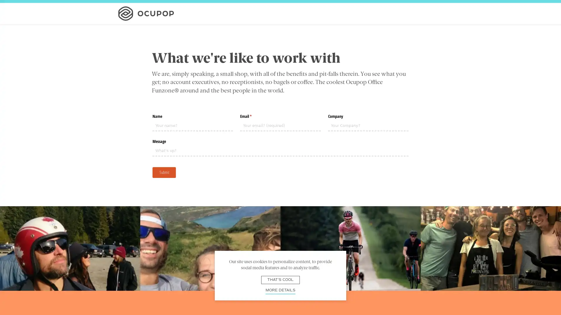 Image resolution: width=561 pixels, height=315 pixels. I want to click on Submit, so click(164, 172).